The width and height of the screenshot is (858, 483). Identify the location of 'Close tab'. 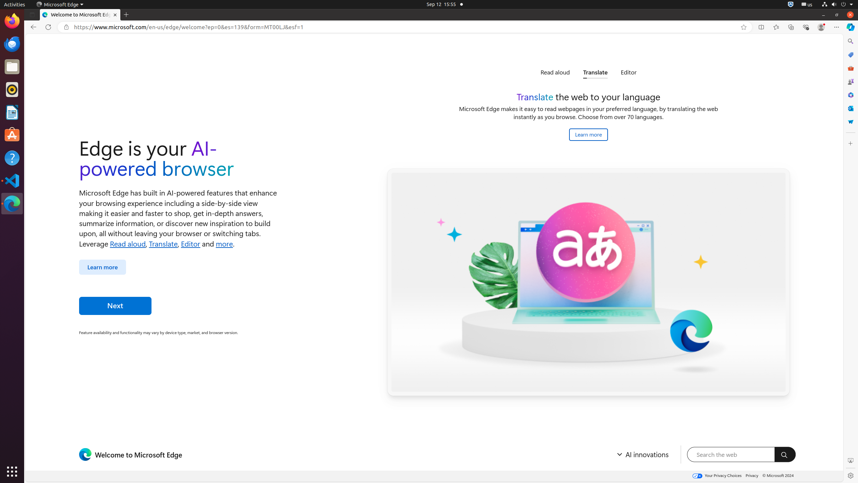
(115, 14).